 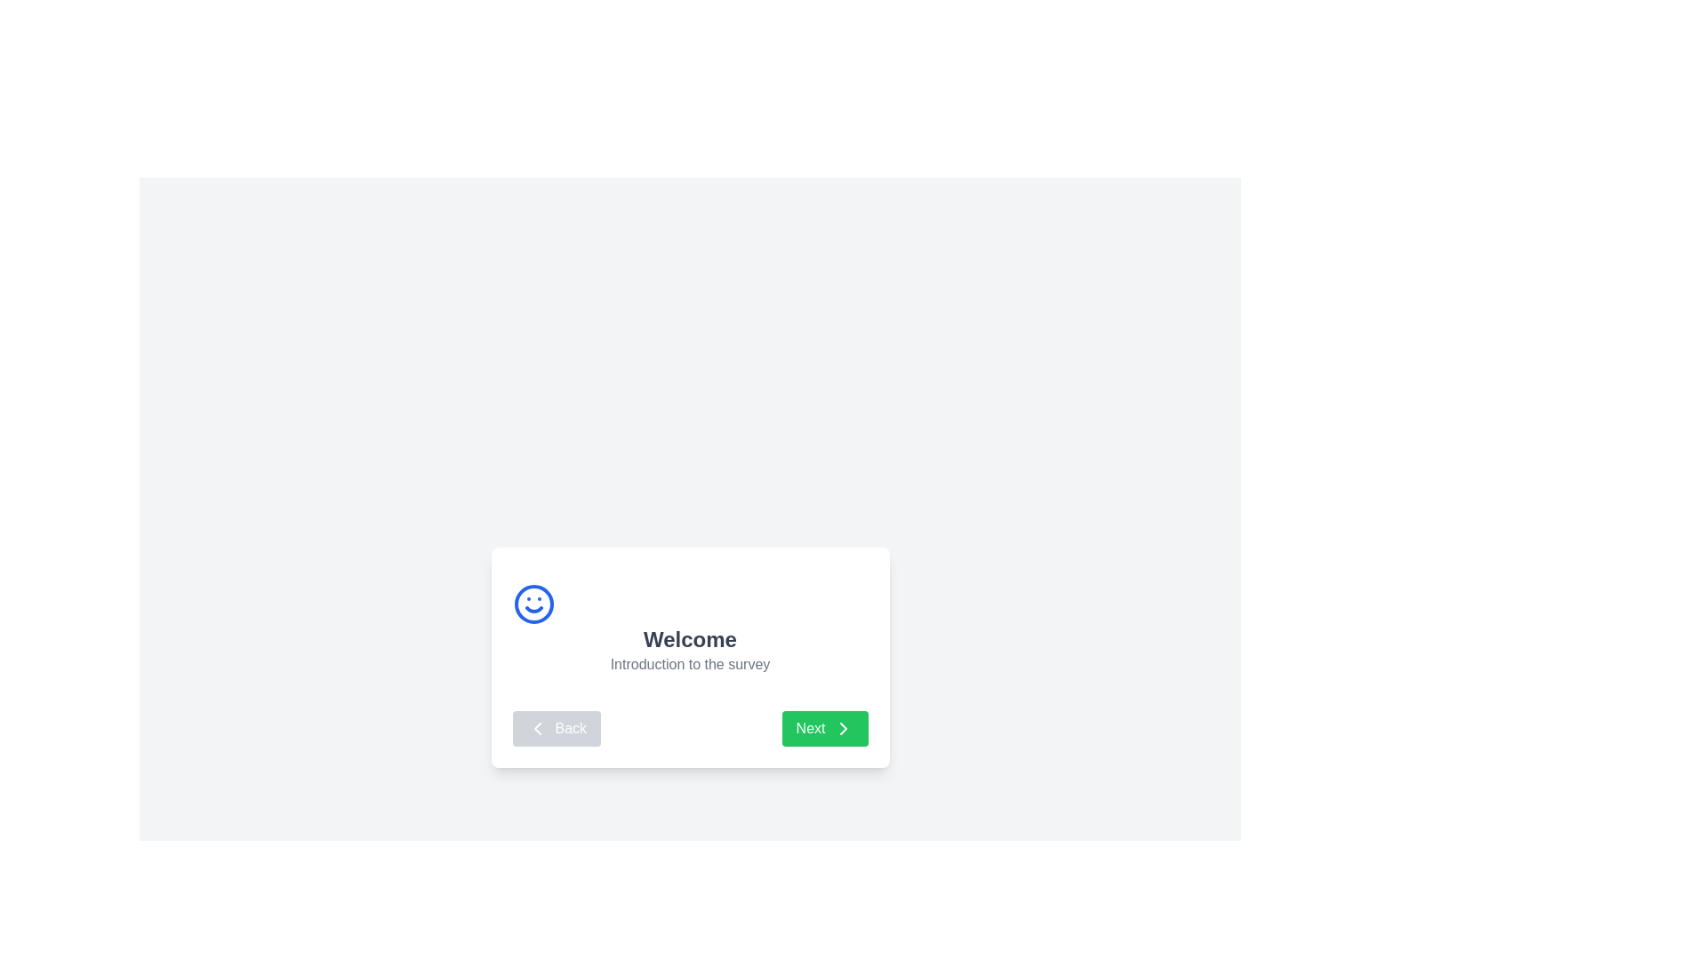 What do you see at coordinates (842, 729) in the screenshot?
I see `the rightward chevron SVG icon located within the 'Next' button at the bottom-right corner of the modal dialog interface` at bounding box center [842, 729].